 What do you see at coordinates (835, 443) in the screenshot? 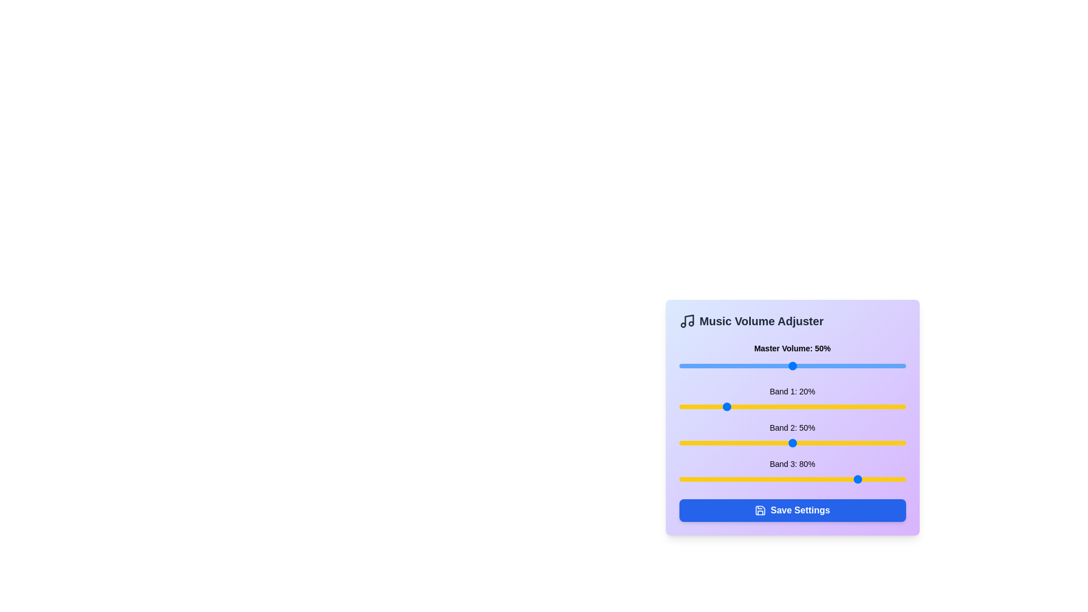
I see `Band 2's volume` at bounding box center [835, 443].